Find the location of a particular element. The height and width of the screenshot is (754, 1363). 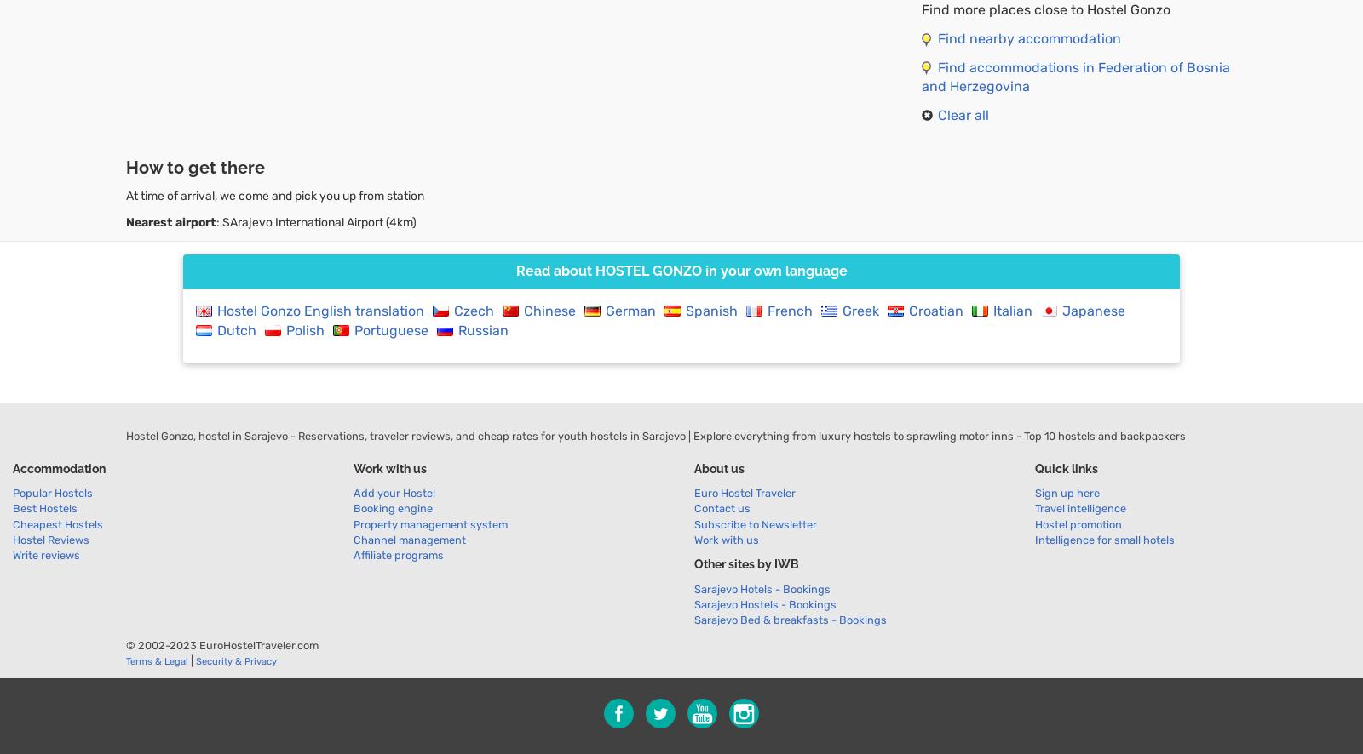

'Other sites by IWB' is located at coordinates (745, 563).